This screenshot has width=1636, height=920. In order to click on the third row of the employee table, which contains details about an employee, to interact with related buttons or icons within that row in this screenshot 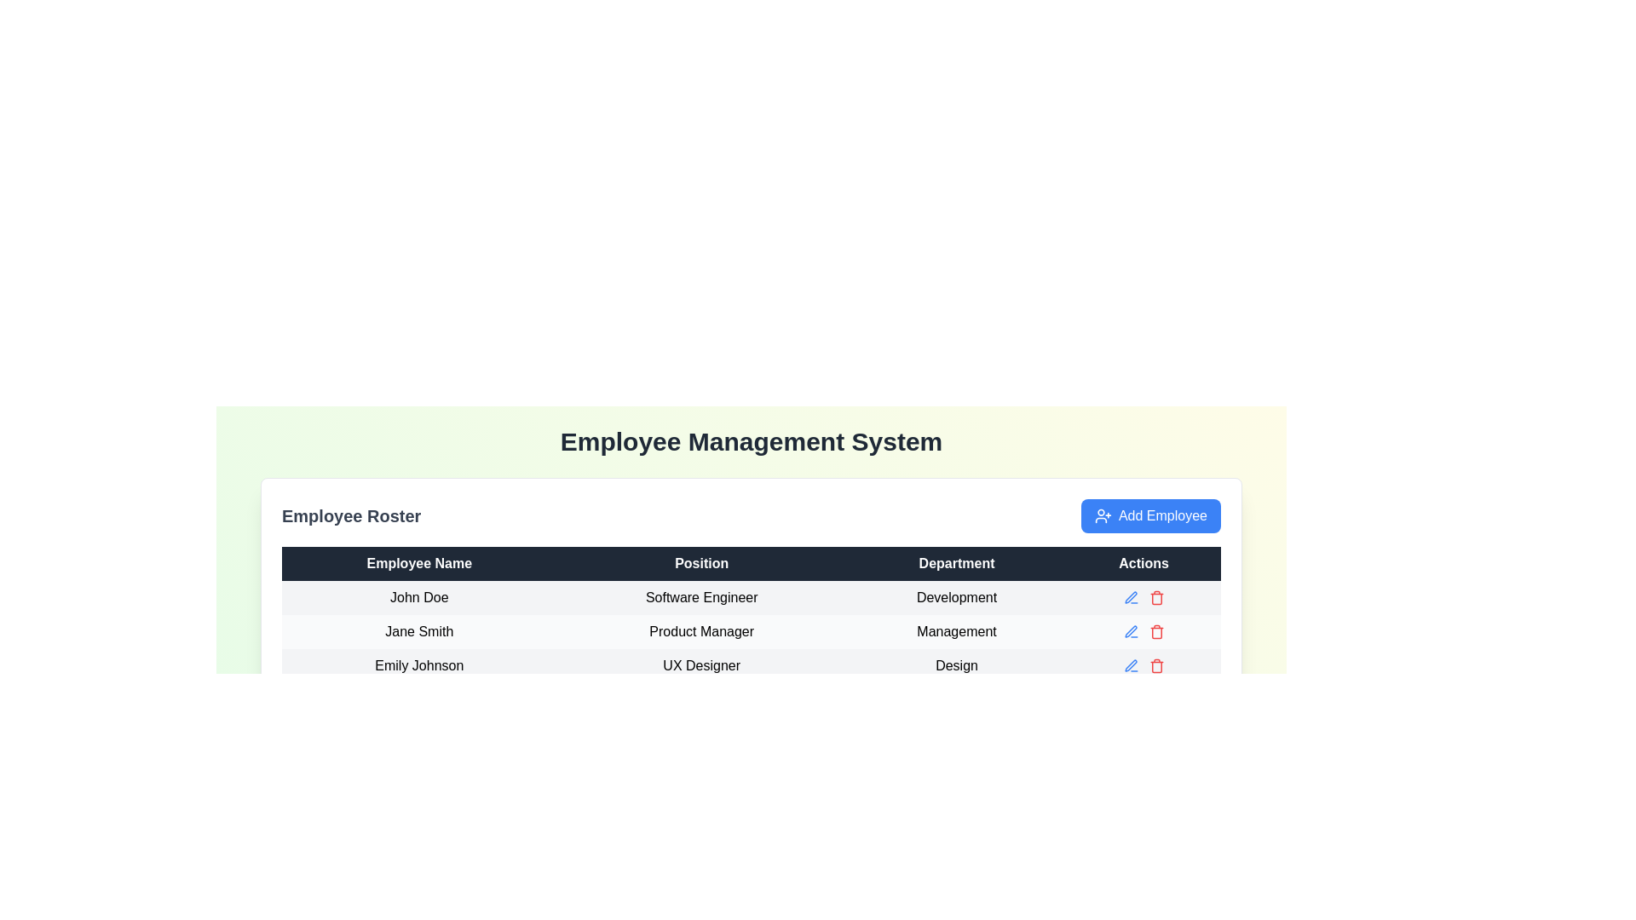, I will do `click(751, 665)`.